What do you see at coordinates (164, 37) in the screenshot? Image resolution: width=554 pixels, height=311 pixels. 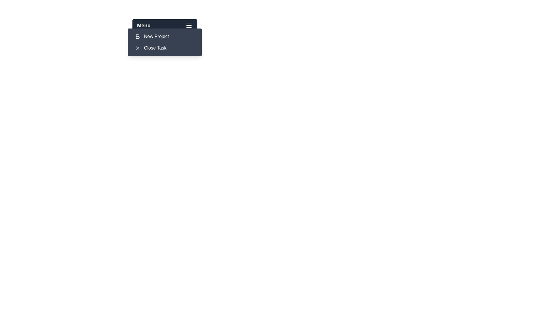 I see `the 'New Project' menu item in the dropdown menu` at bounding box center [164, 37].